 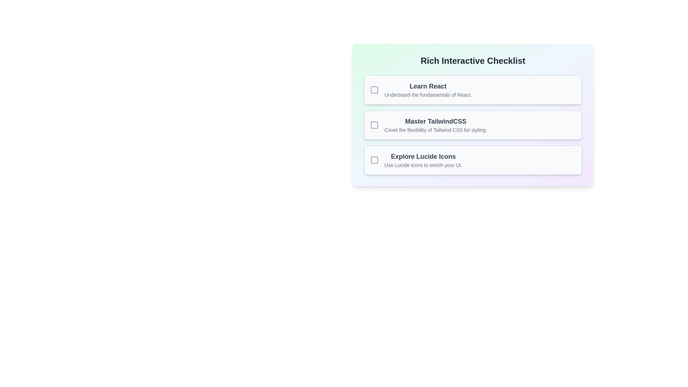 I want to click on the rich text block displaying the title 'Learn React' and subtitle 'Understand the fundamentals of React.' in the Rich Interactive Checklist, so click(x=428, y=89).